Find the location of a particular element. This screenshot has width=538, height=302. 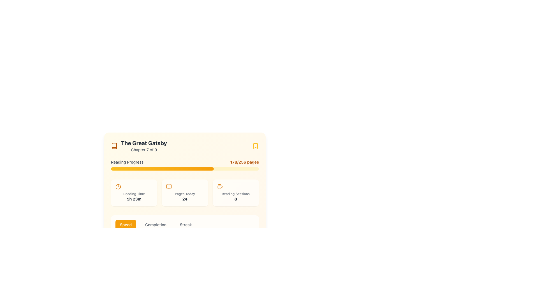

the Informational card that displays the total reading time spent, located beneath the 'Reading Progress' bar as the first card in a horizontal set of three cards is located at coordinates (134, 193).